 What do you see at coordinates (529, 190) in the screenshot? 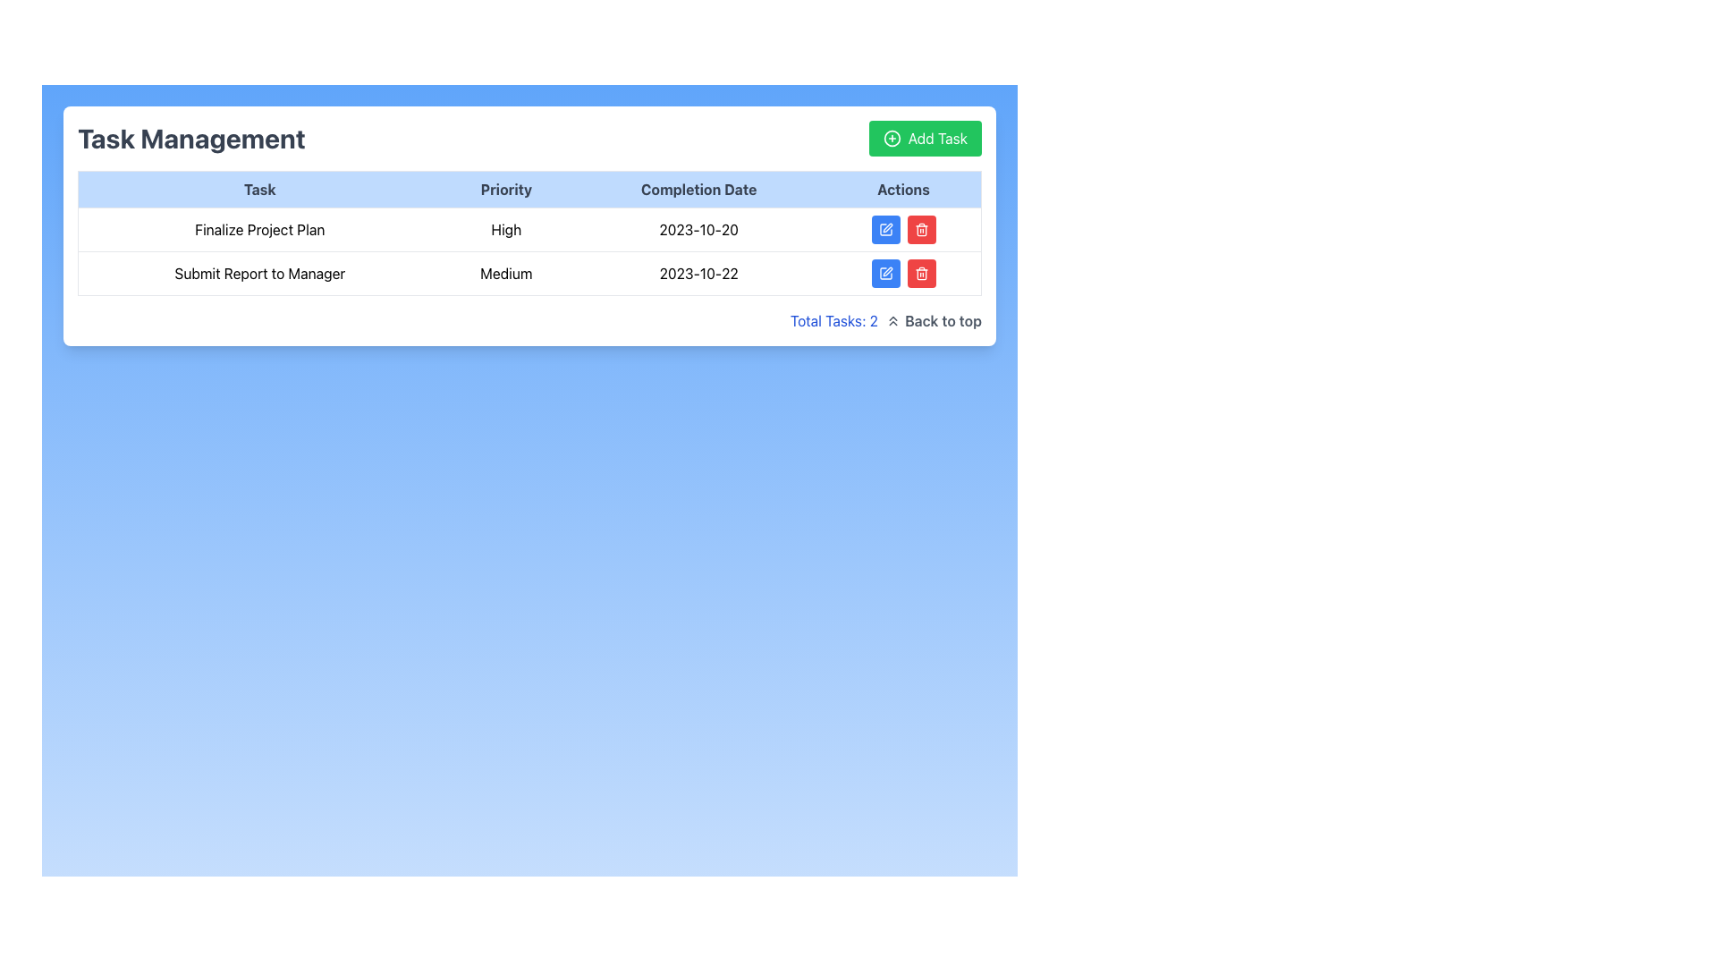
I see `the Table Header Row located below the 'Task Management' header to sort the columns of the task management table` at bounding box center [529, 190].